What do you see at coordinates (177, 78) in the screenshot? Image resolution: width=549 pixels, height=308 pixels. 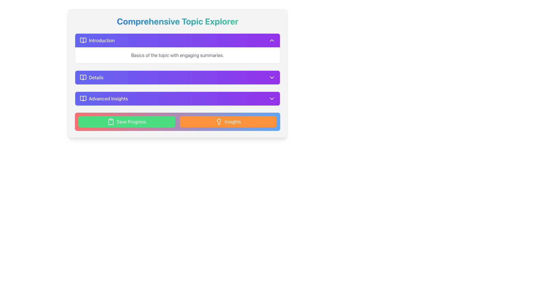 I see `the second expandable button in the 'Comprehensive Topic Explorer'` at bounding box center [177, 78].